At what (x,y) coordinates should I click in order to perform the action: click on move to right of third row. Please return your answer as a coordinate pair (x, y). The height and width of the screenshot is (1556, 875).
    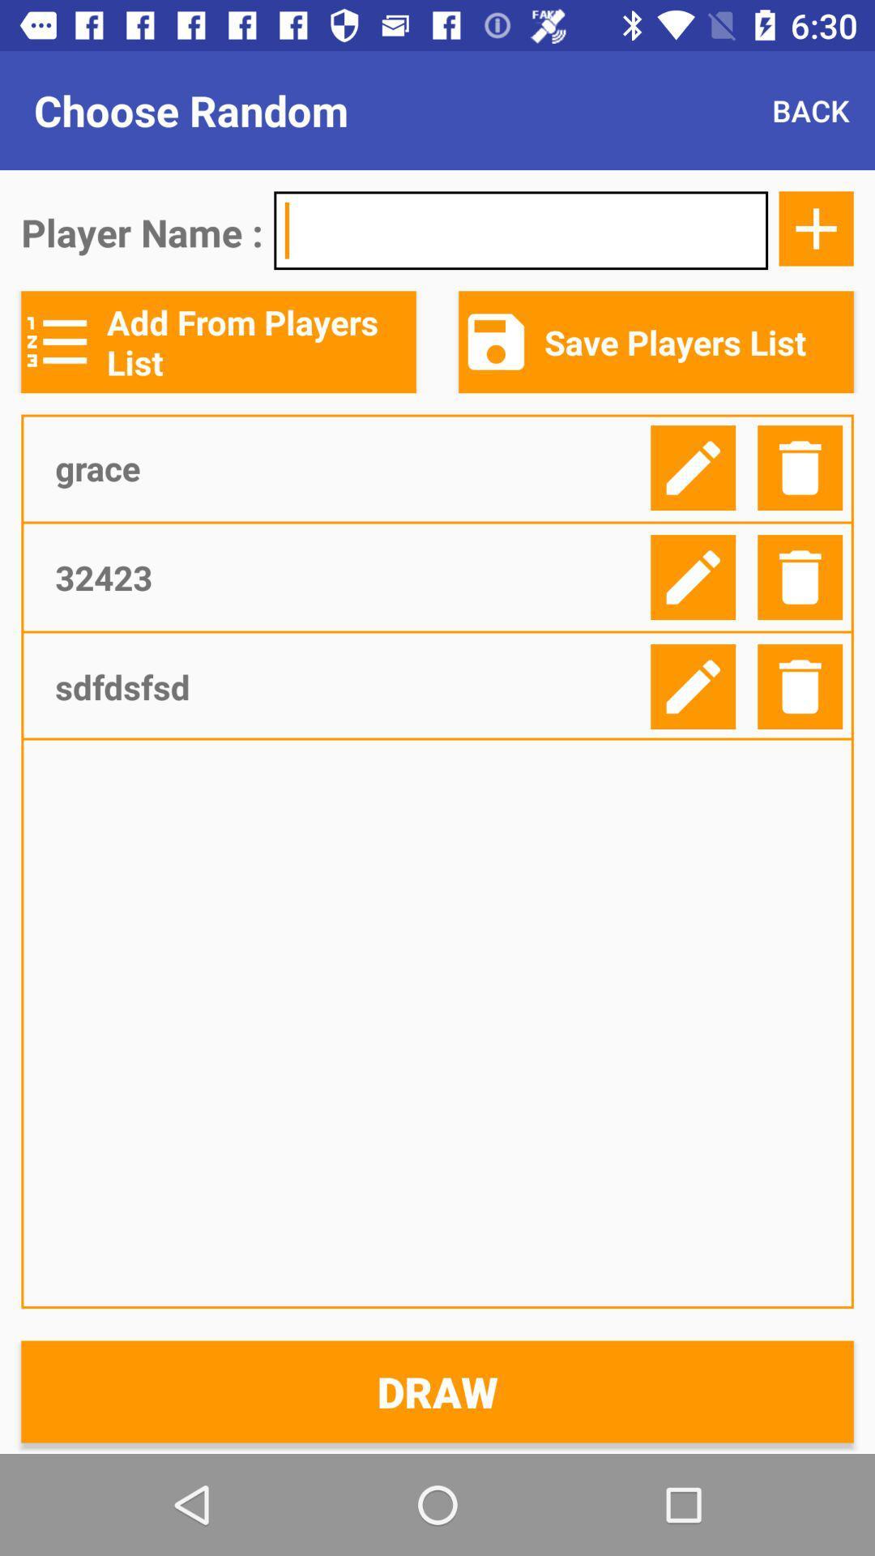
    Looking at the image, I should click on (693, 686).